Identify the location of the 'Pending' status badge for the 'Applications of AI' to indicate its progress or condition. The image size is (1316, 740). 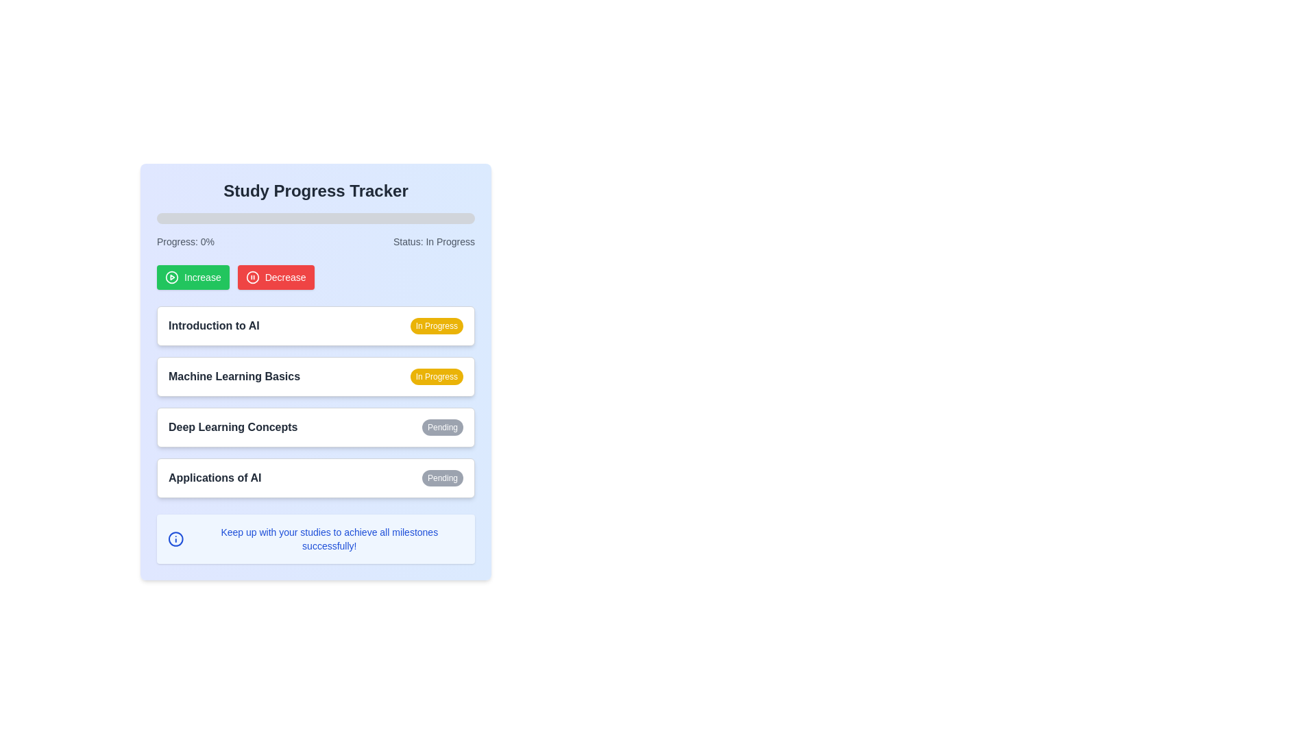
(442, 478).